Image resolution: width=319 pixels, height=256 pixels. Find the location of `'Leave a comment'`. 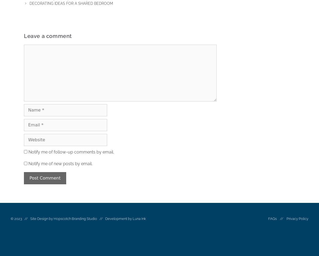

'Leave a comment' is located at coordinates (48, 36).